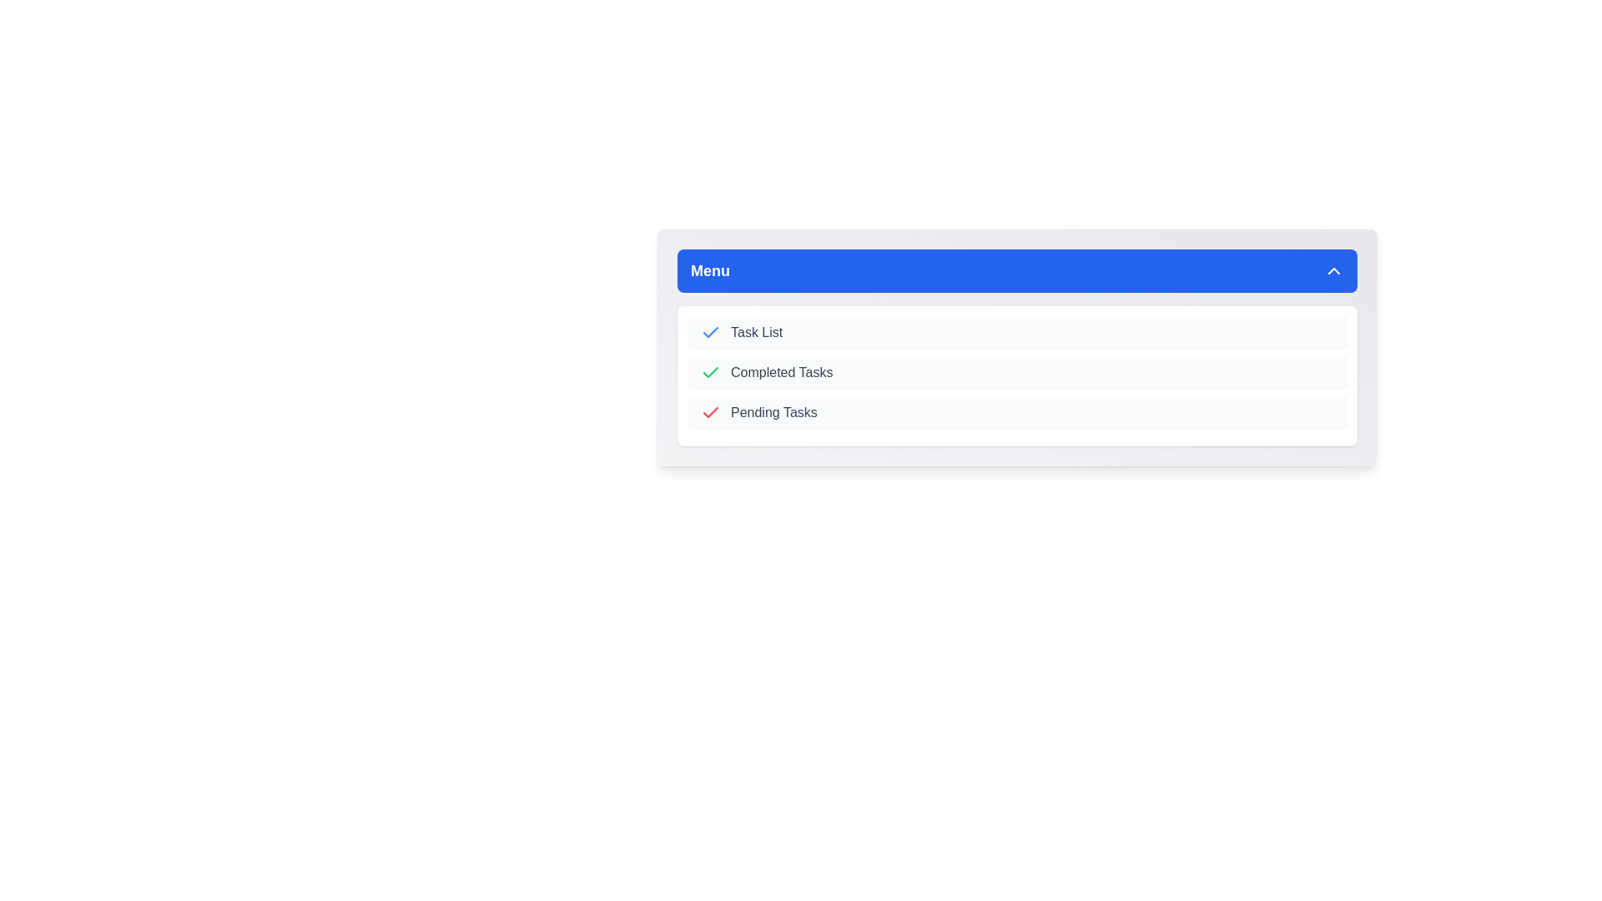 This screenshot has height=901, width=1602. Describe the element at coordinates (773, 412) in the screenshot. I see `the 'Pending Tasks' text label, which is the third item in a vertical list within the menu structure and aligned to the right of a red checkmark icon` at that location.